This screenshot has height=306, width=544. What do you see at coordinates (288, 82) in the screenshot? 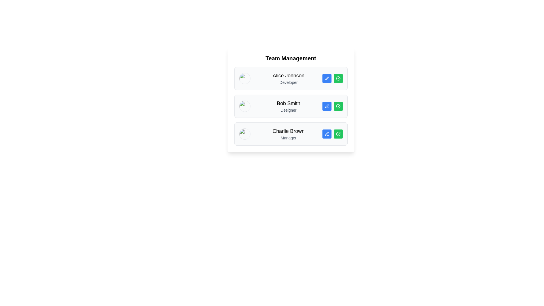
I see `text label displaying 'Developer' located directly under 'Alice Johnson' in the top card of the vertical stack` at bounding box center [288, 82].